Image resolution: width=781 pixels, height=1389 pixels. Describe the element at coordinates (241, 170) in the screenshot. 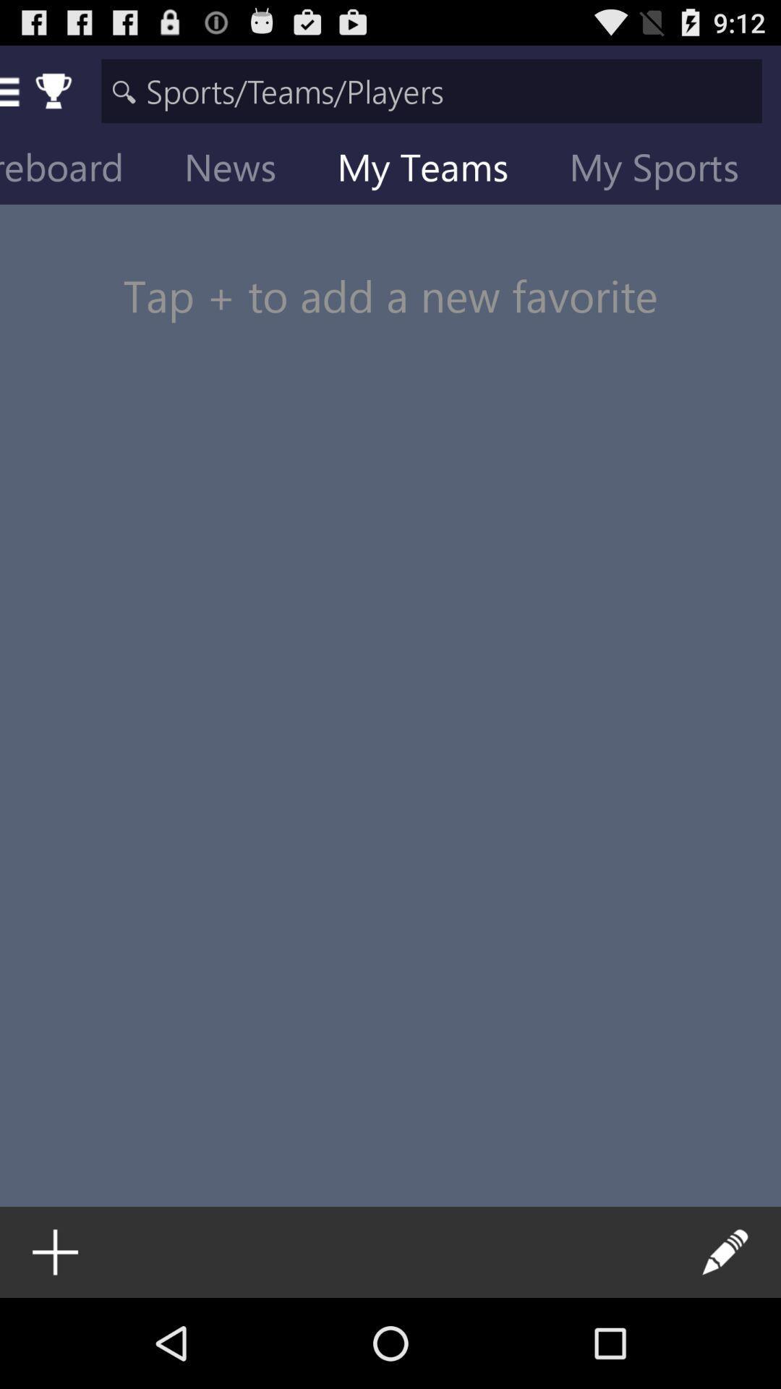

I see `icon to the left of my teams icon` at that location.